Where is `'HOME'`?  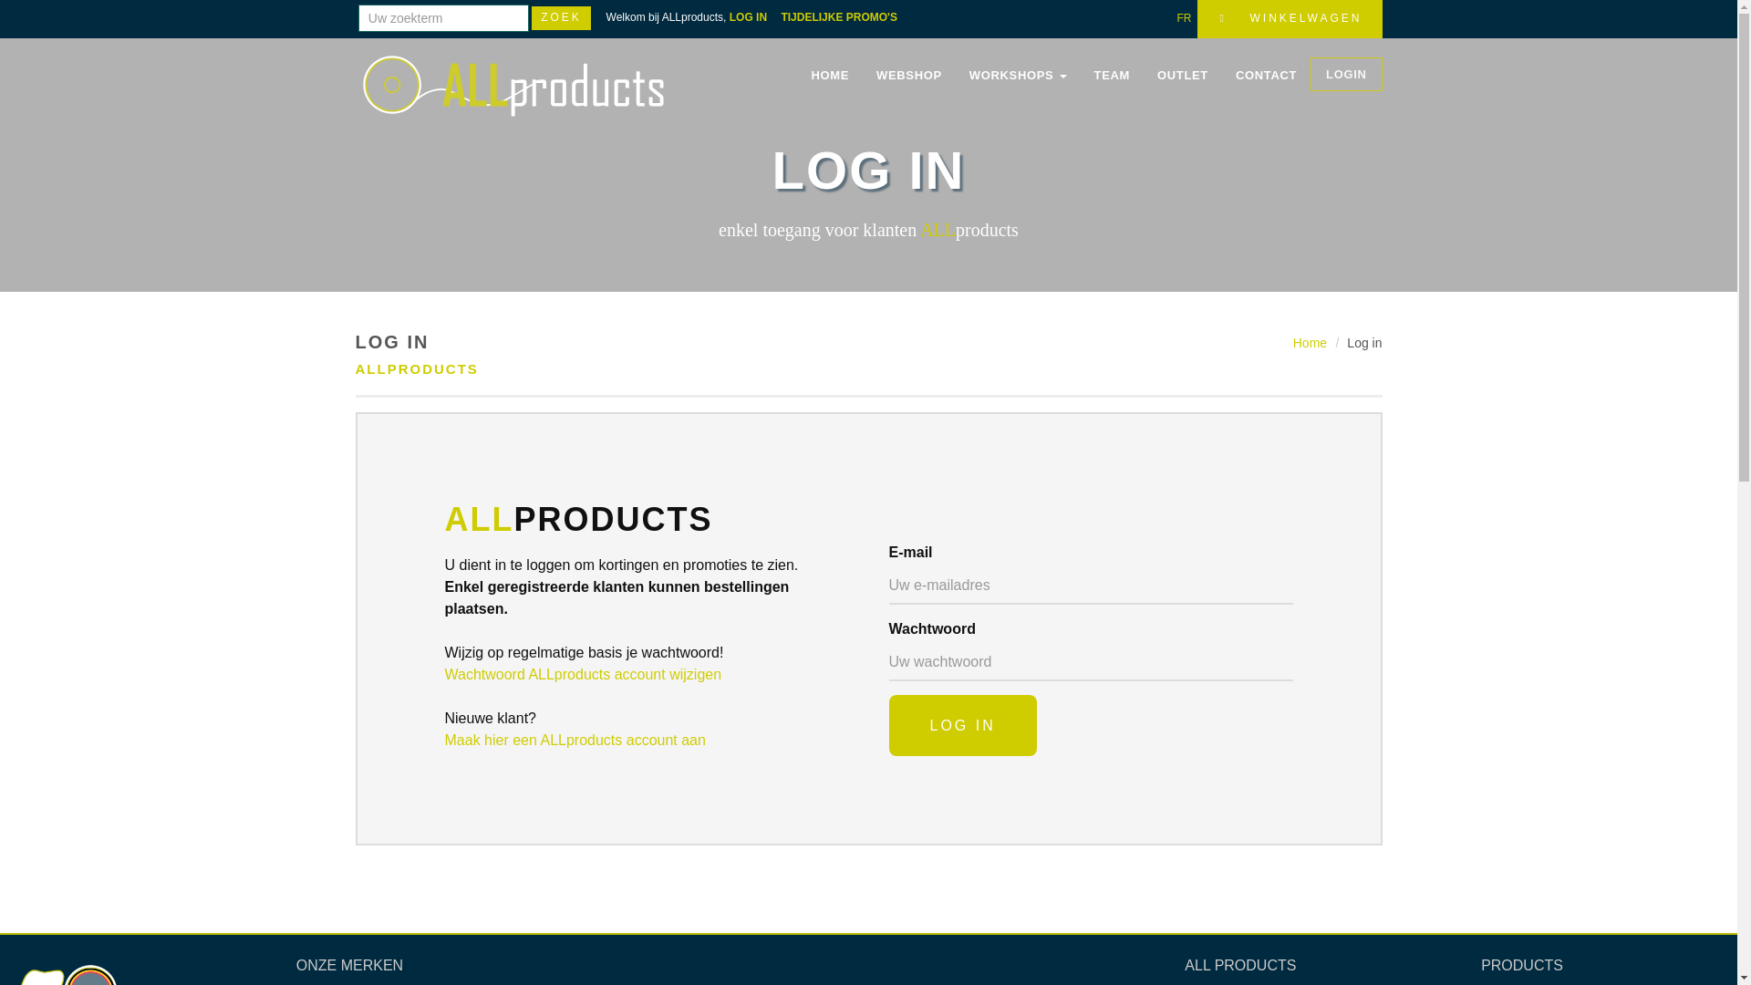
'HOME' is located at coordinates (829, 75).